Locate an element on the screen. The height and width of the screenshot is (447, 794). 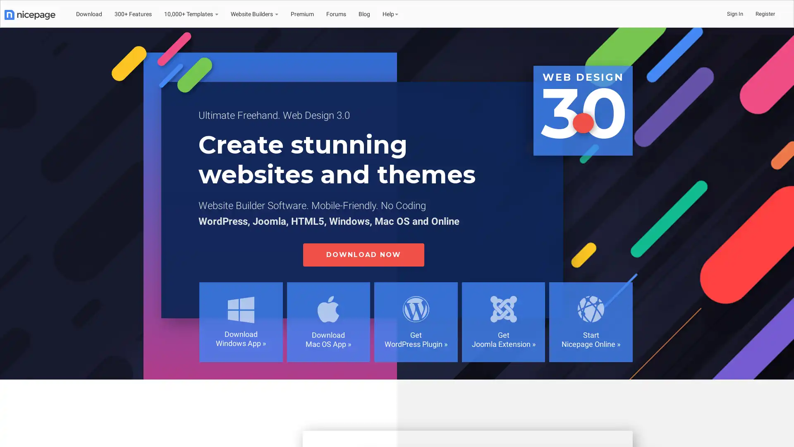
10,000+ Templates is located at coordinates (191, 14).